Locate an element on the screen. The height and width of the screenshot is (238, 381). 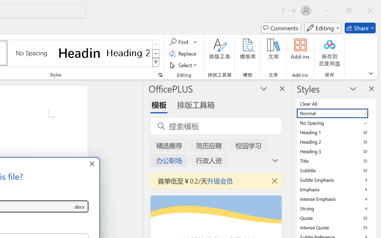
'Find' is located at coordinates (179, 42).